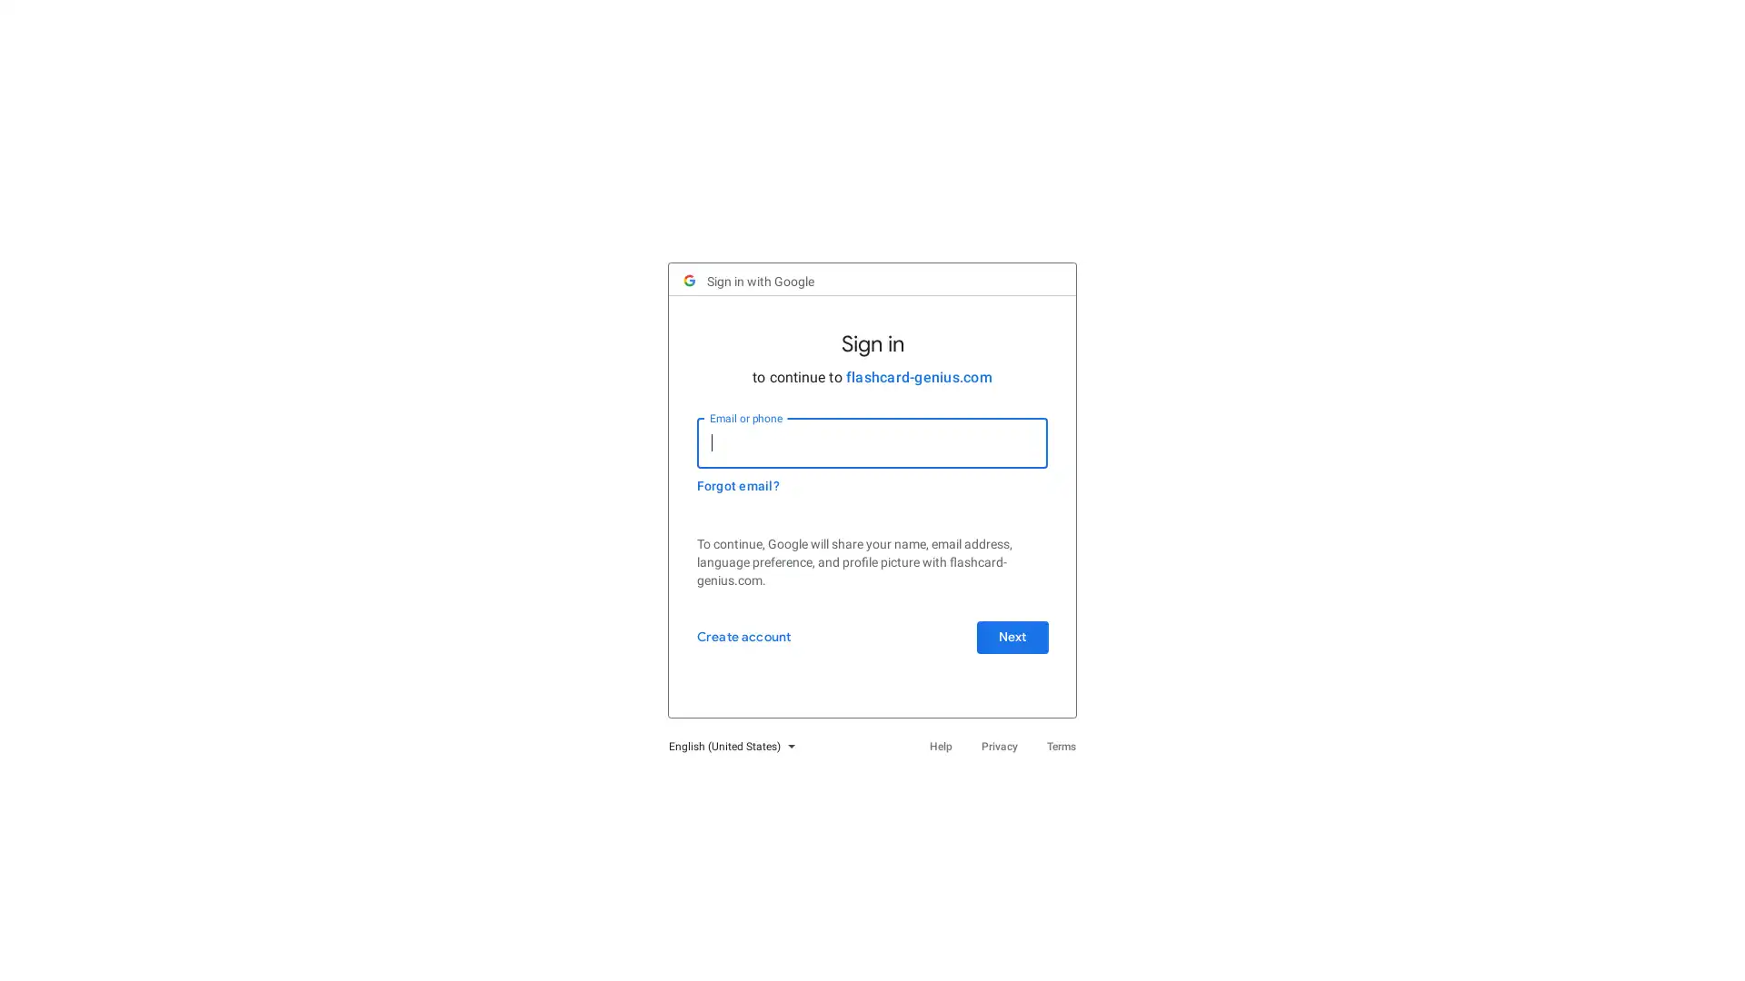 The height and width of the screenshot is (981, 1745). What do you see at coordinates (746, 496) in the screenshot?
I see `Forgot email?` at bounding box center [746, 496].